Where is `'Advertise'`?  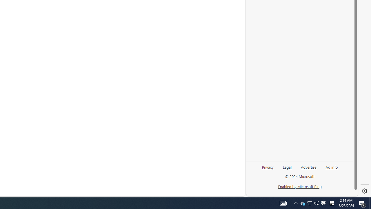 'Advertise' is located at coordinates (308, 169).